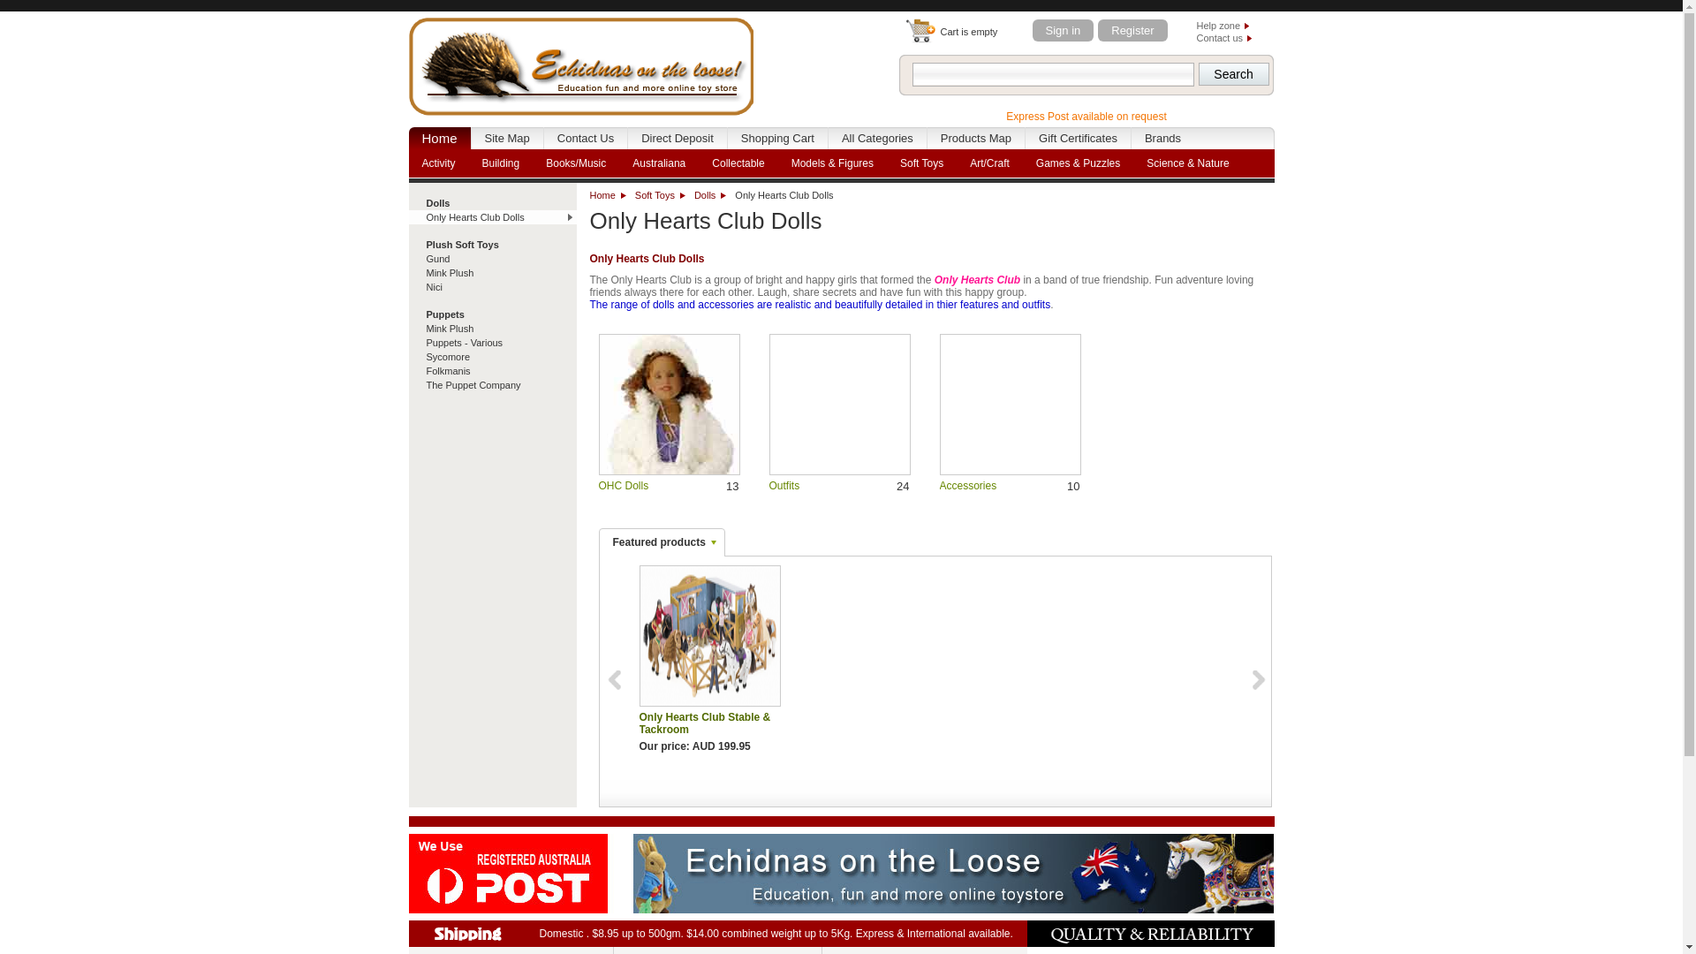  Describe the element at coordinates (1223, 37) in the screenshot. I see `'Contact us'` at that location.